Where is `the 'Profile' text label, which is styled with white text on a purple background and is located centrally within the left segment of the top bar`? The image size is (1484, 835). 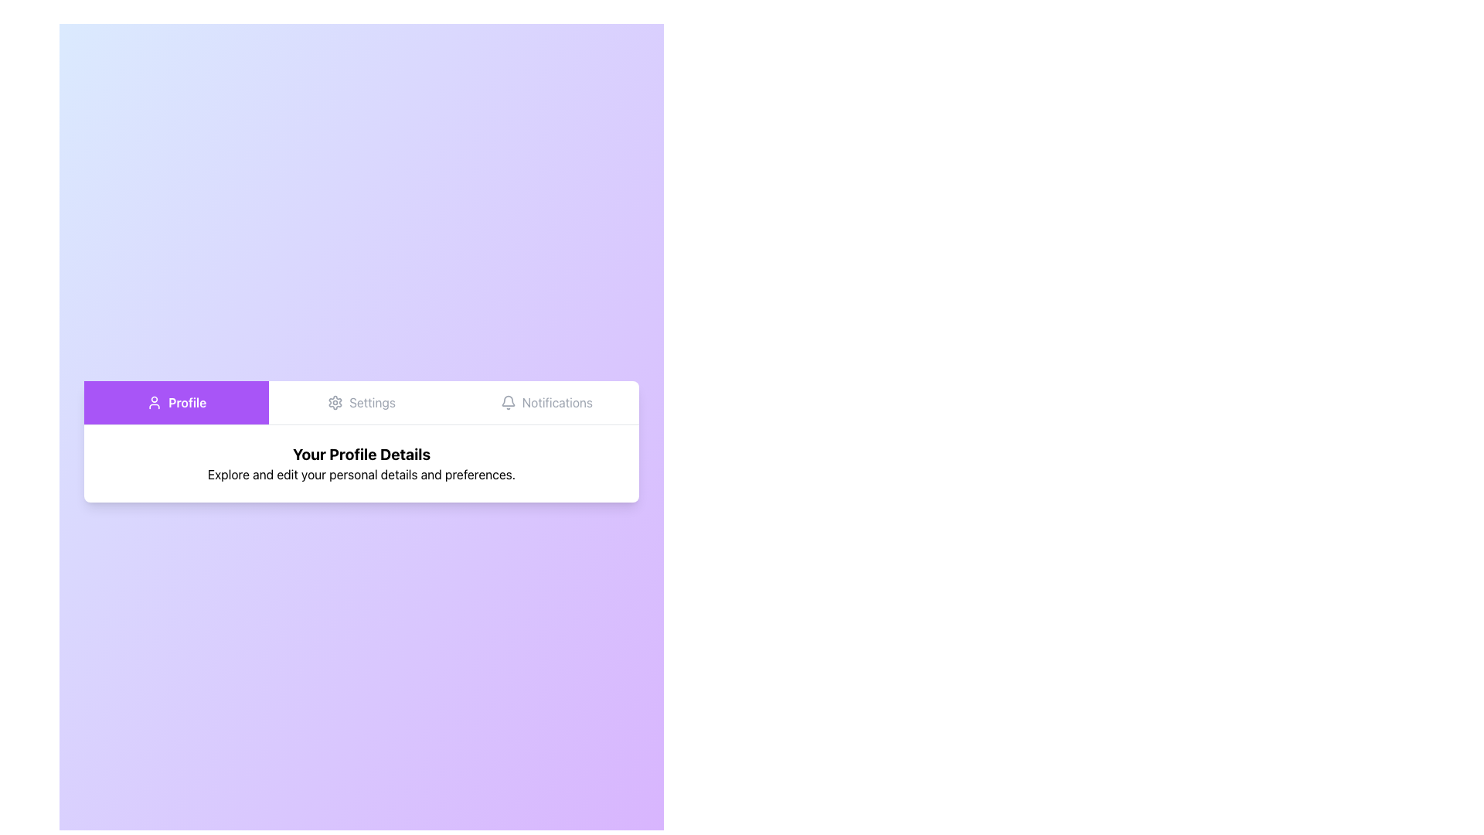 the 'Profile' text label, which is styled with white text on a purple background and is located centrally within the left segment of the top bar is located at coordinates (186, 401).